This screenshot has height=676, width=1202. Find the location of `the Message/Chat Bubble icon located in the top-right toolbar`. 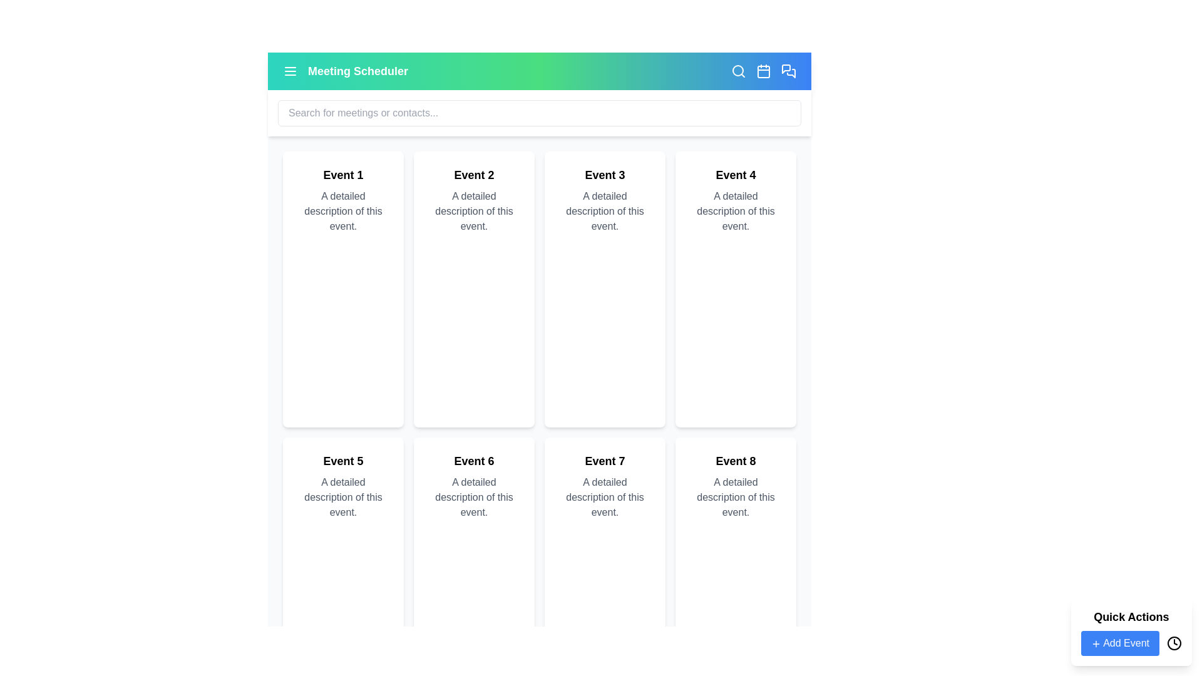

the Message/Chat Bubble icon located in the top-right toolbar is located at coordinates (786, 69).